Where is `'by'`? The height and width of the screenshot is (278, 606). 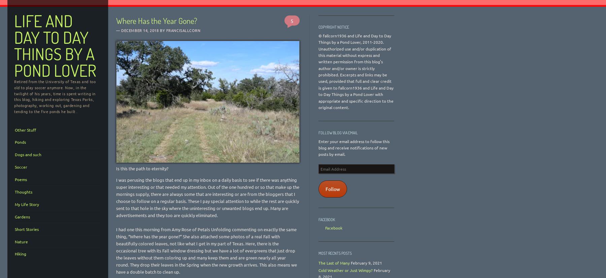
'by' is located at coordinates (158, 30).